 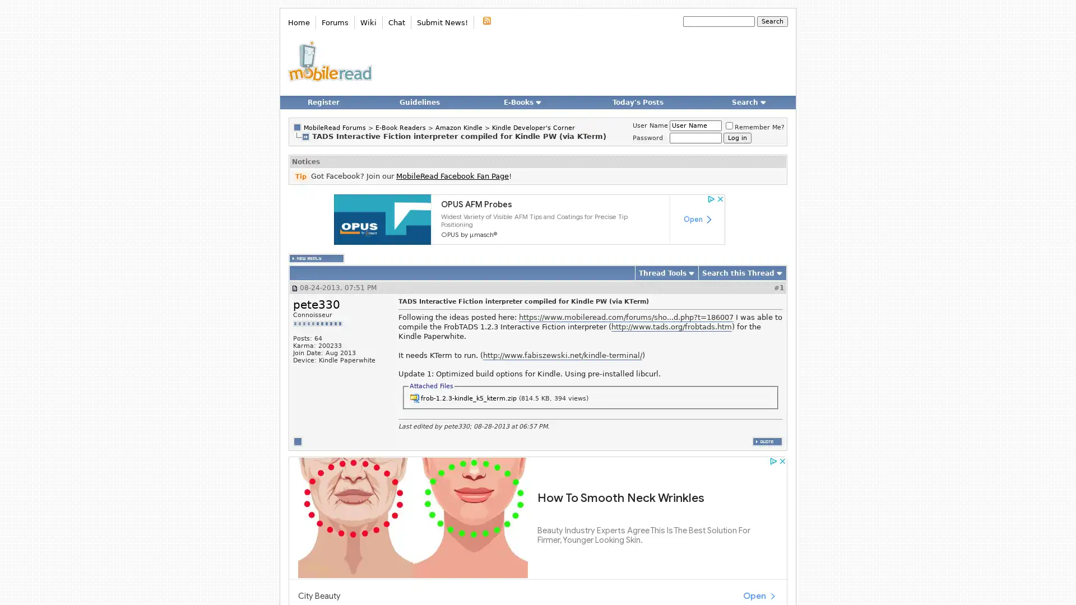 I want to click on Log in, so click(x=737, y=137).